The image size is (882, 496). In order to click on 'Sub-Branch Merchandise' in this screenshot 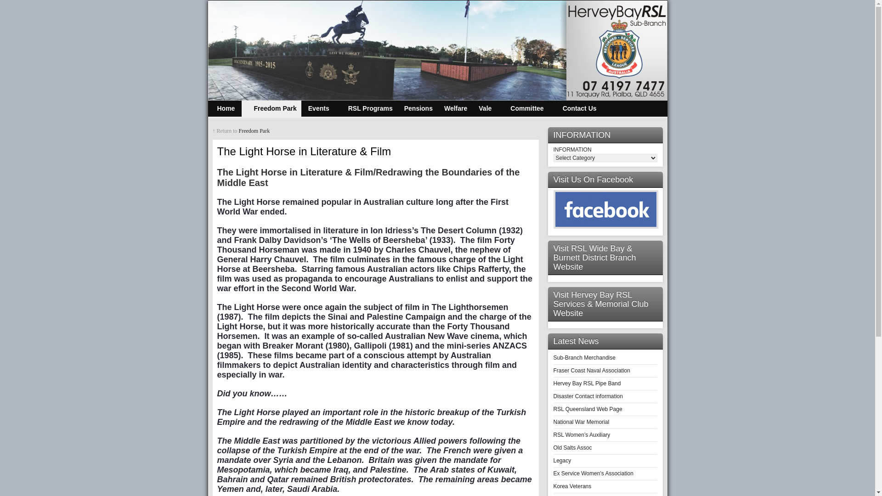, I will do `click(583, 357)`.